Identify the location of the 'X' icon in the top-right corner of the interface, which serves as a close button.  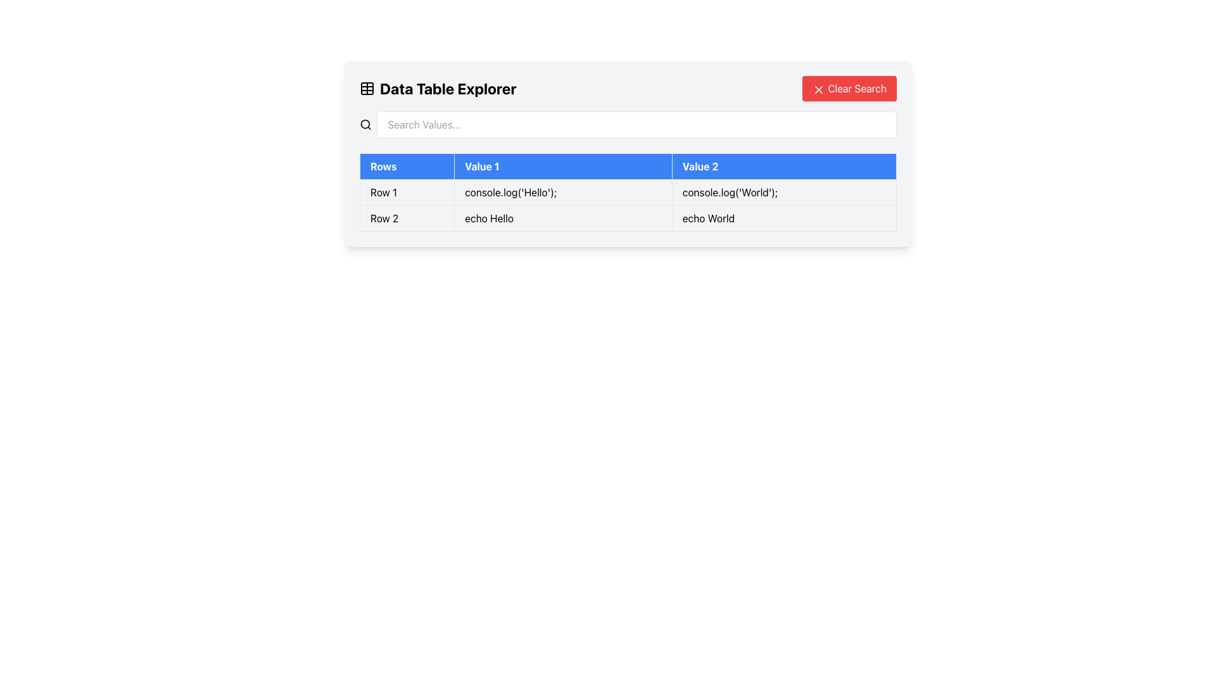
(819, 89).